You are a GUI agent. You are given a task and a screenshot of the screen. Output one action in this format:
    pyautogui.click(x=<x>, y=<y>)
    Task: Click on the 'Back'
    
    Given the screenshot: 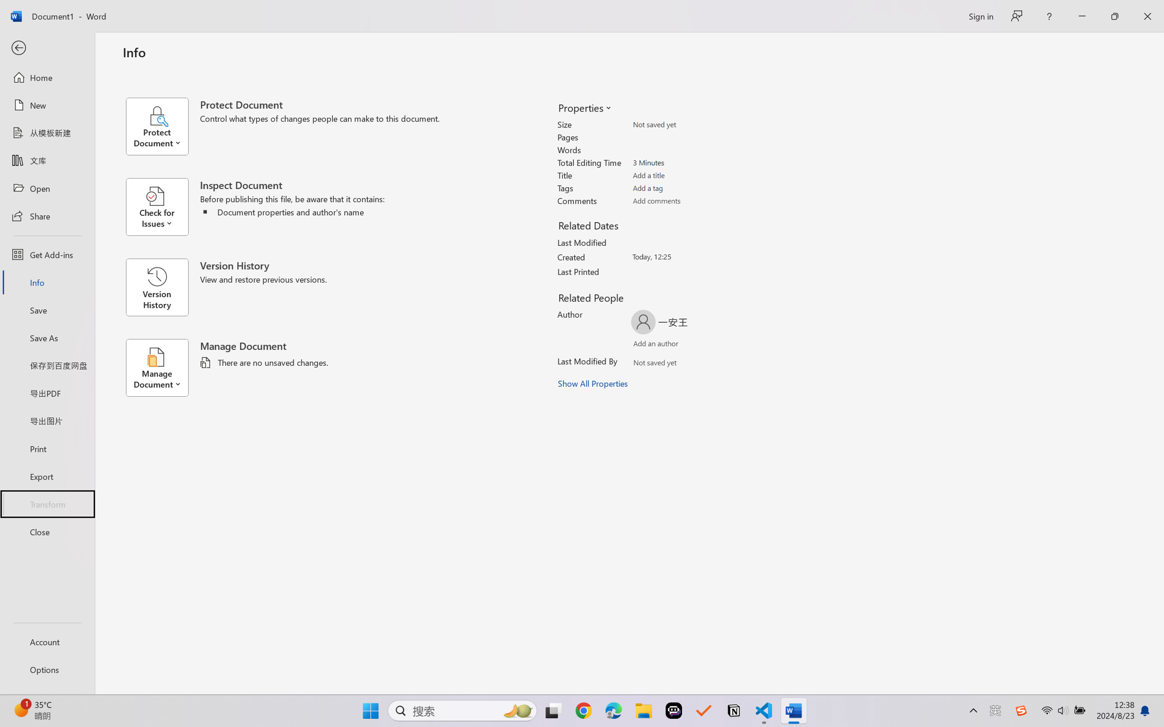 What is the action you would take?
    pyautogui.click(x=47, y=48)
    